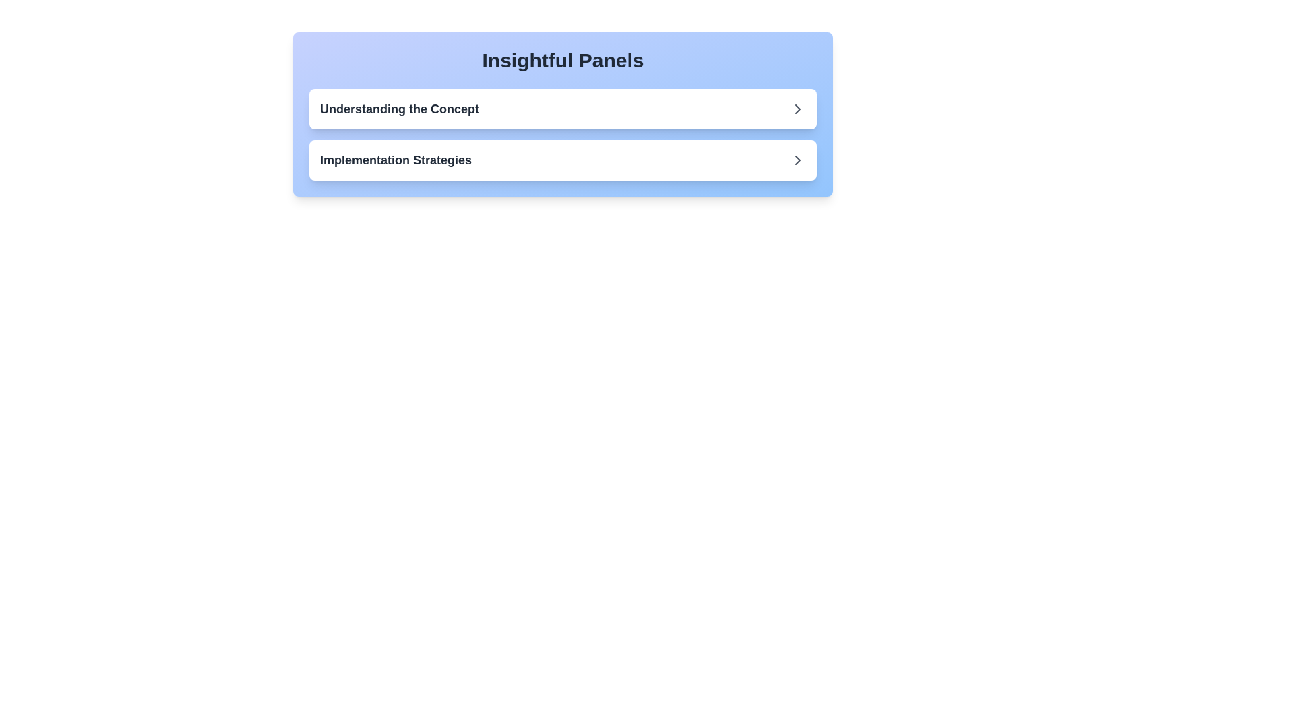 Image resolution: width=1294 pixels, height=728 pixels. Describe the element at coordinates (798, 109) in the screenshot. I see `the right-facing chevron icon with a thin gray stroke located at the far right inside the group labeled 'Understanding the Concept'` at that location.